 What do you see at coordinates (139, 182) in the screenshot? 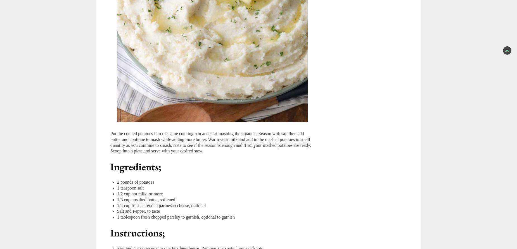
I see `'potatoes'` at bounding box center [139, 182].